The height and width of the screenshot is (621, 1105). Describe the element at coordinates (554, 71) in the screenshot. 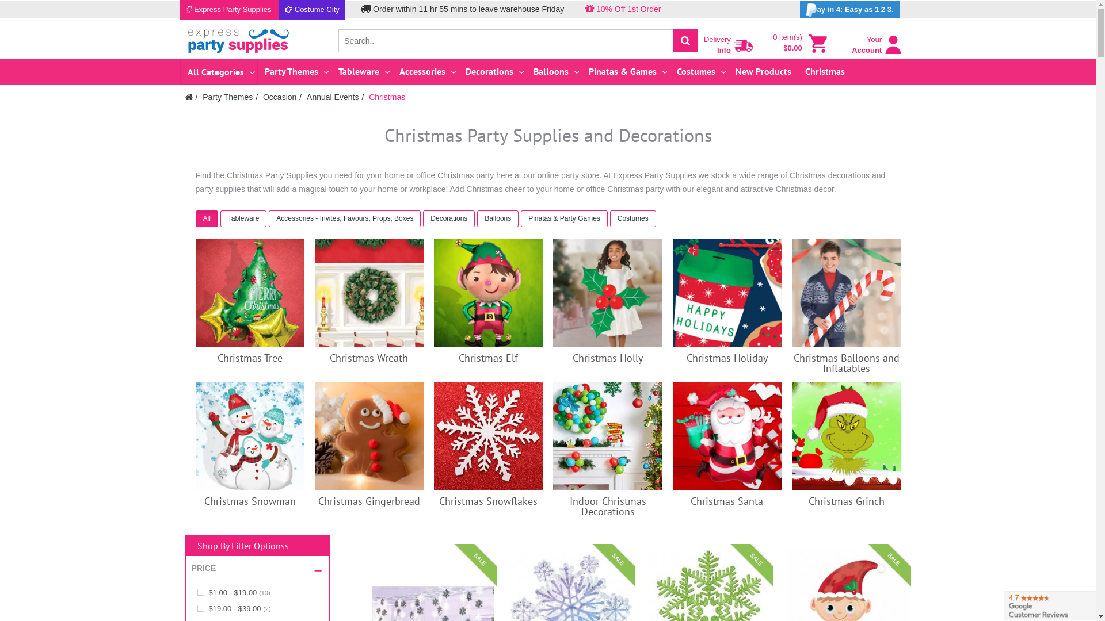

I see `'Balloons'` at that location.